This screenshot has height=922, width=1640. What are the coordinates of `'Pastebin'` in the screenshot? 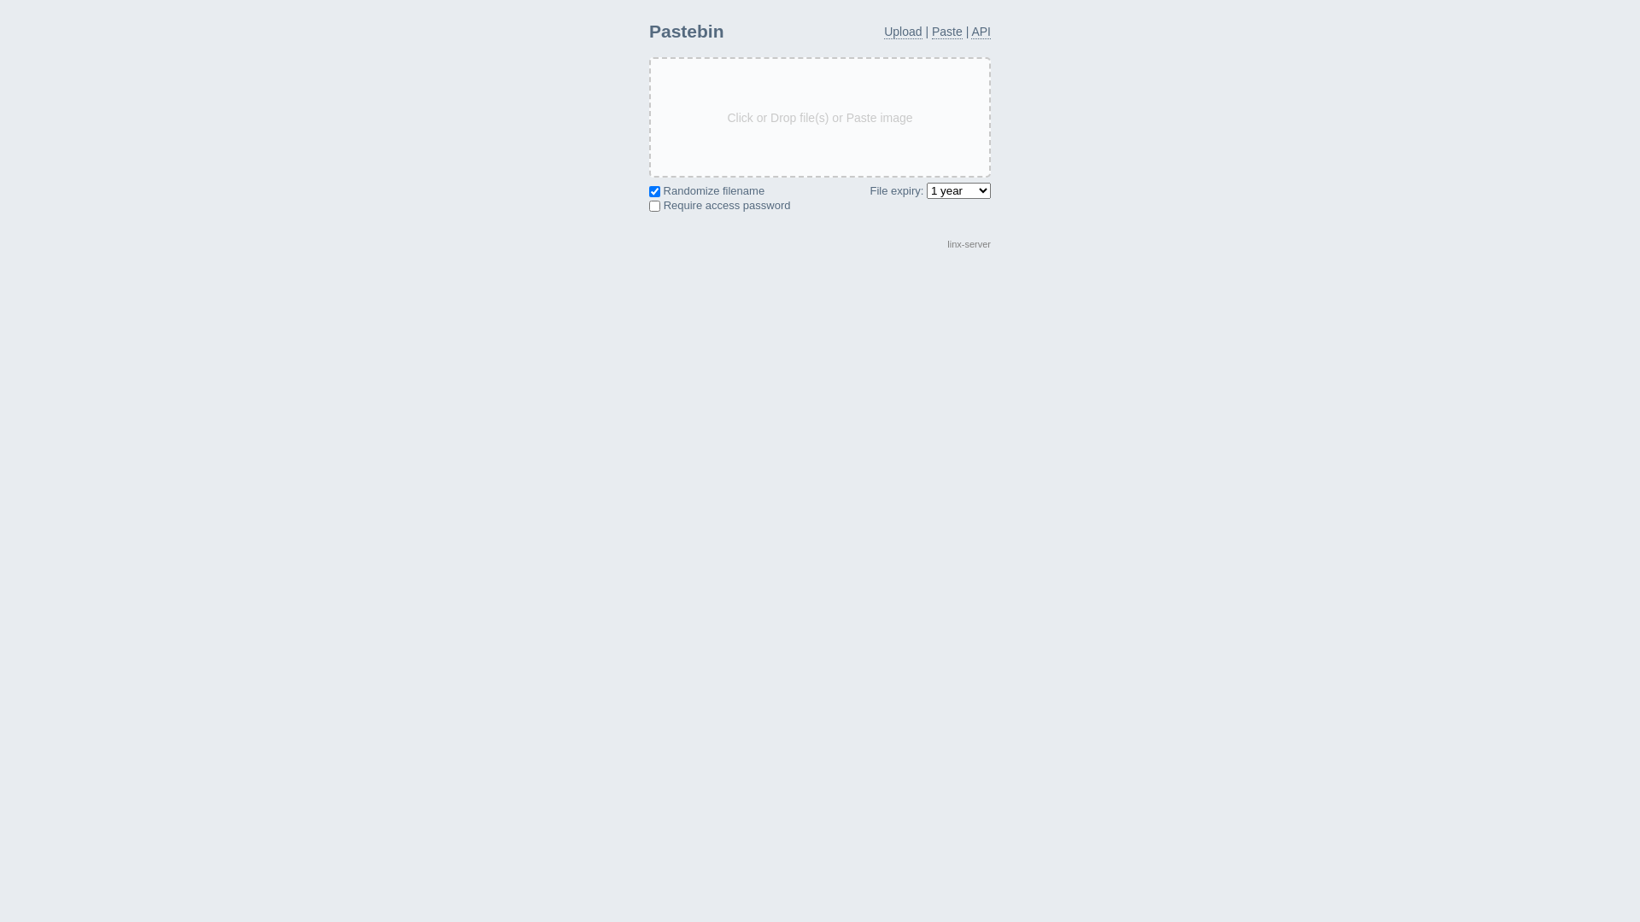 It's located at (686, 31).